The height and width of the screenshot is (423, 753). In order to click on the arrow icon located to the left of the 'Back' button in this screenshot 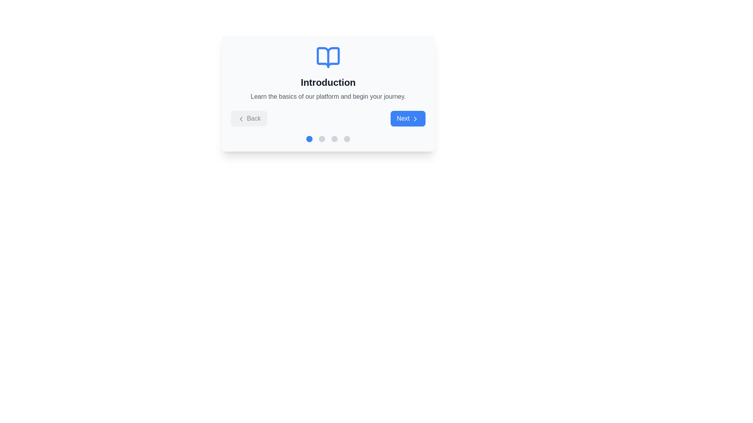, I will do `click(240, 119)`.